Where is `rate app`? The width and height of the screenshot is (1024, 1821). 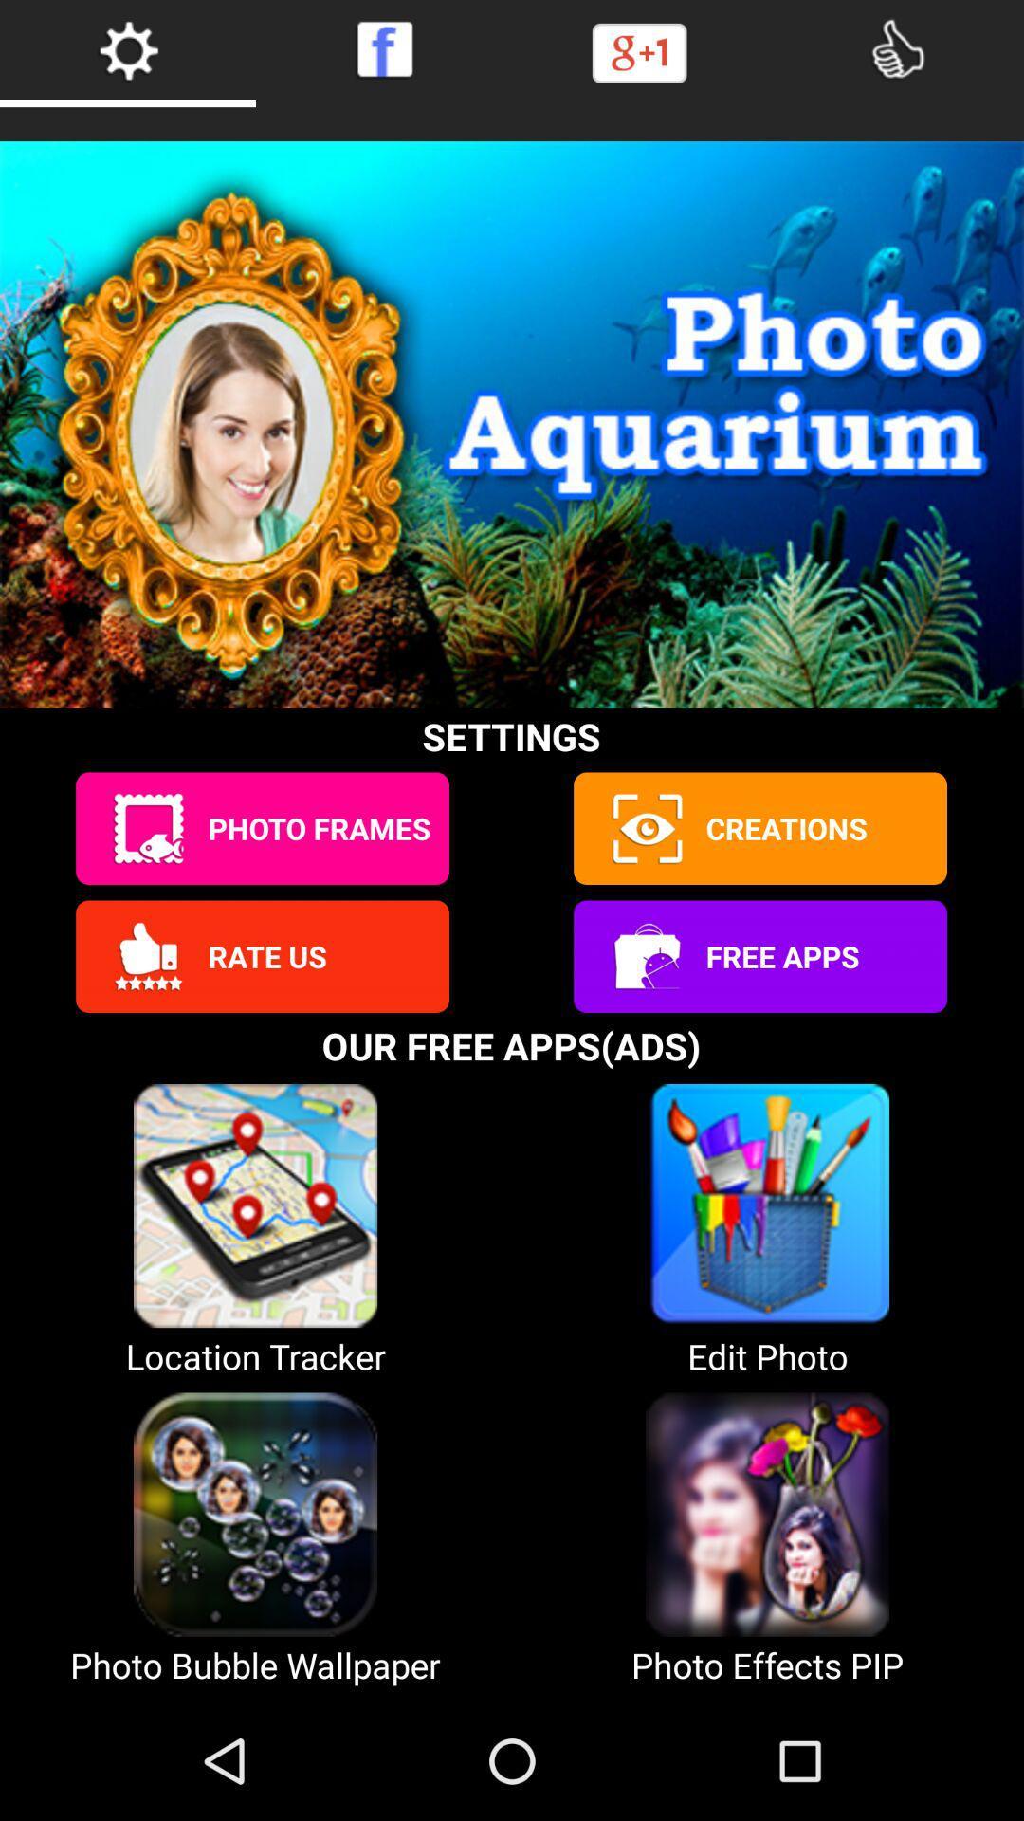
rate app is located at coordinates (147, 956).